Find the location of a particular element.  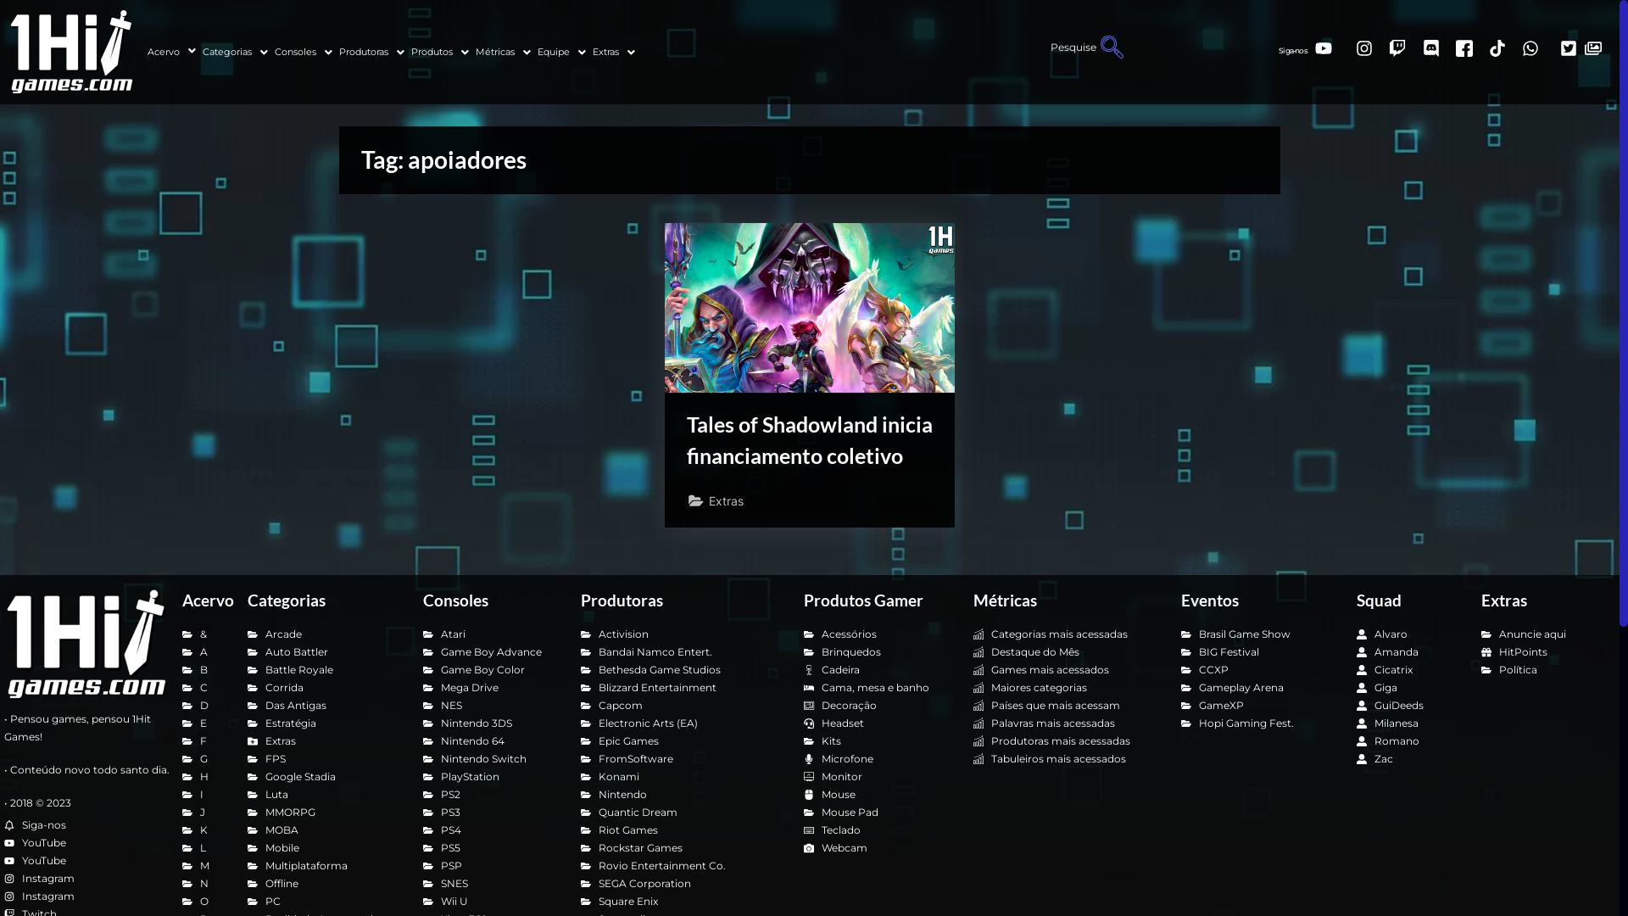

'Nintendo' is located at coordinates (683, 794).